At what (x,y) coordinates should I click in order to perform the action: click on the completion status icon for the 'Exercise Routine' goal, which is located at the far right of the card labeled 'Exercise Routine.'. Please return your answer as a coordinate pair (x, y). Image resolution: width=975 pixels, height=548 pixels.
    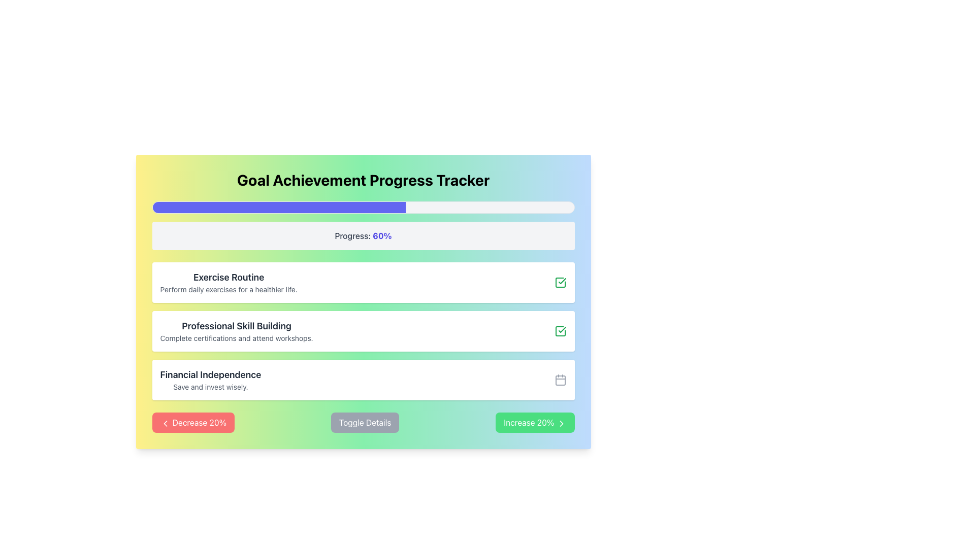
    Looking at the image, I should click on (562, 330).